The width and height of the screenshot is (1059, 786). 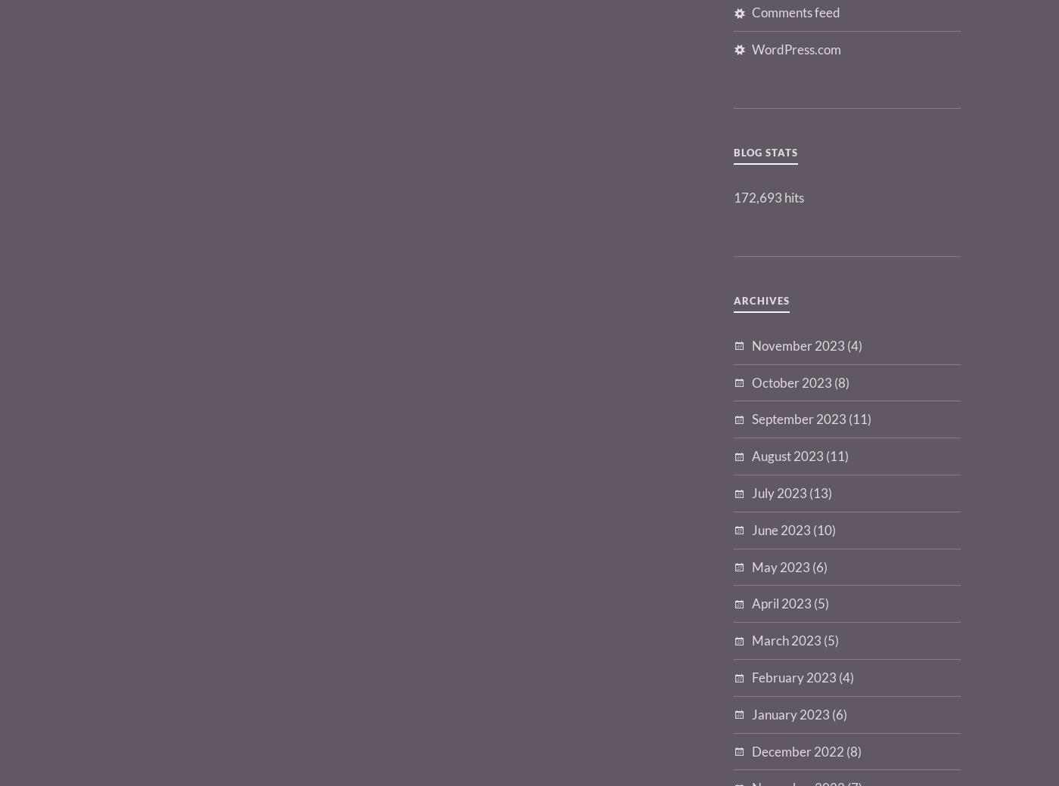 I want to click on 'Comments feed', so click(x=796, y=11).